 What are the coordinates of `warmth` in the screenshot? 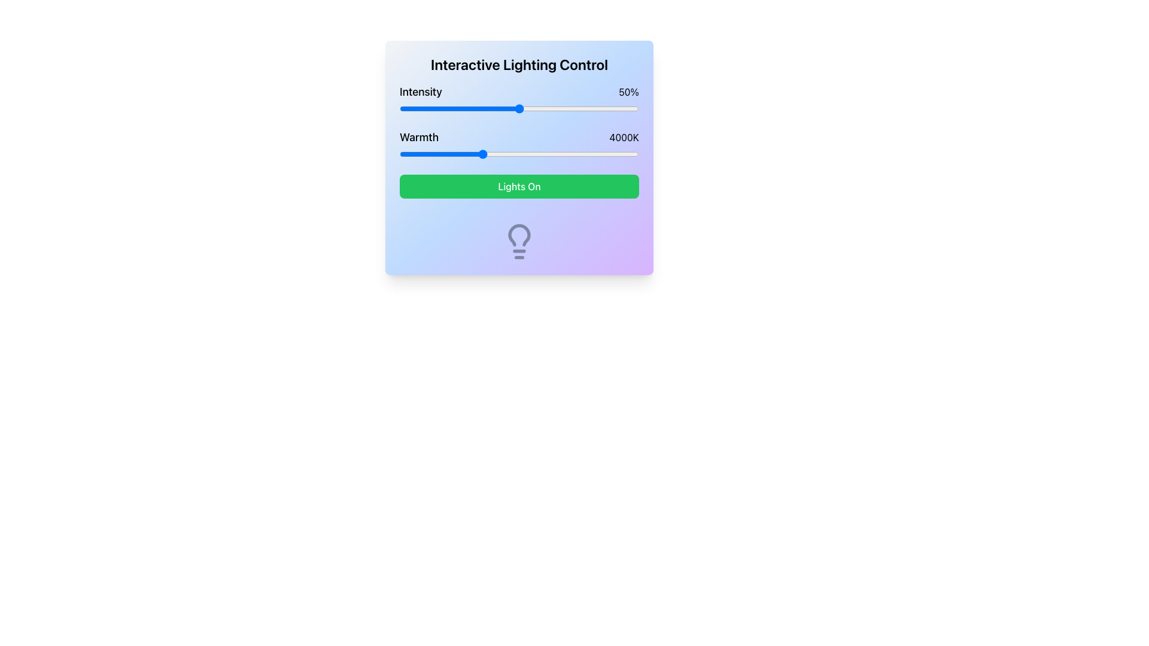 It's located at (484, 154).